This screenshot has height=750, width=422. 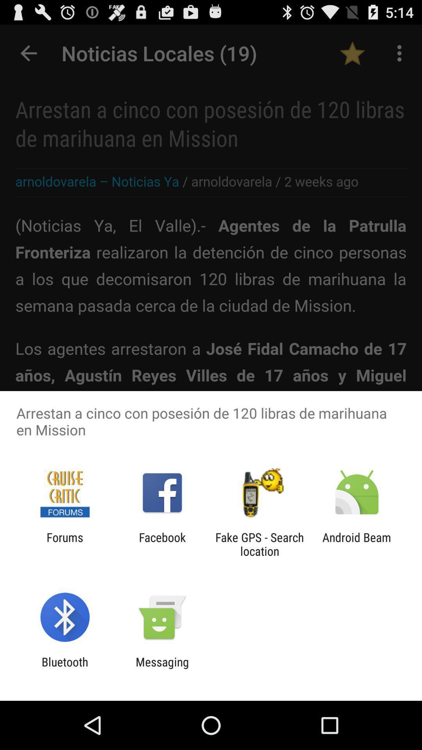 I want to click on the icon next to the forums, so click(x=162, y=544).